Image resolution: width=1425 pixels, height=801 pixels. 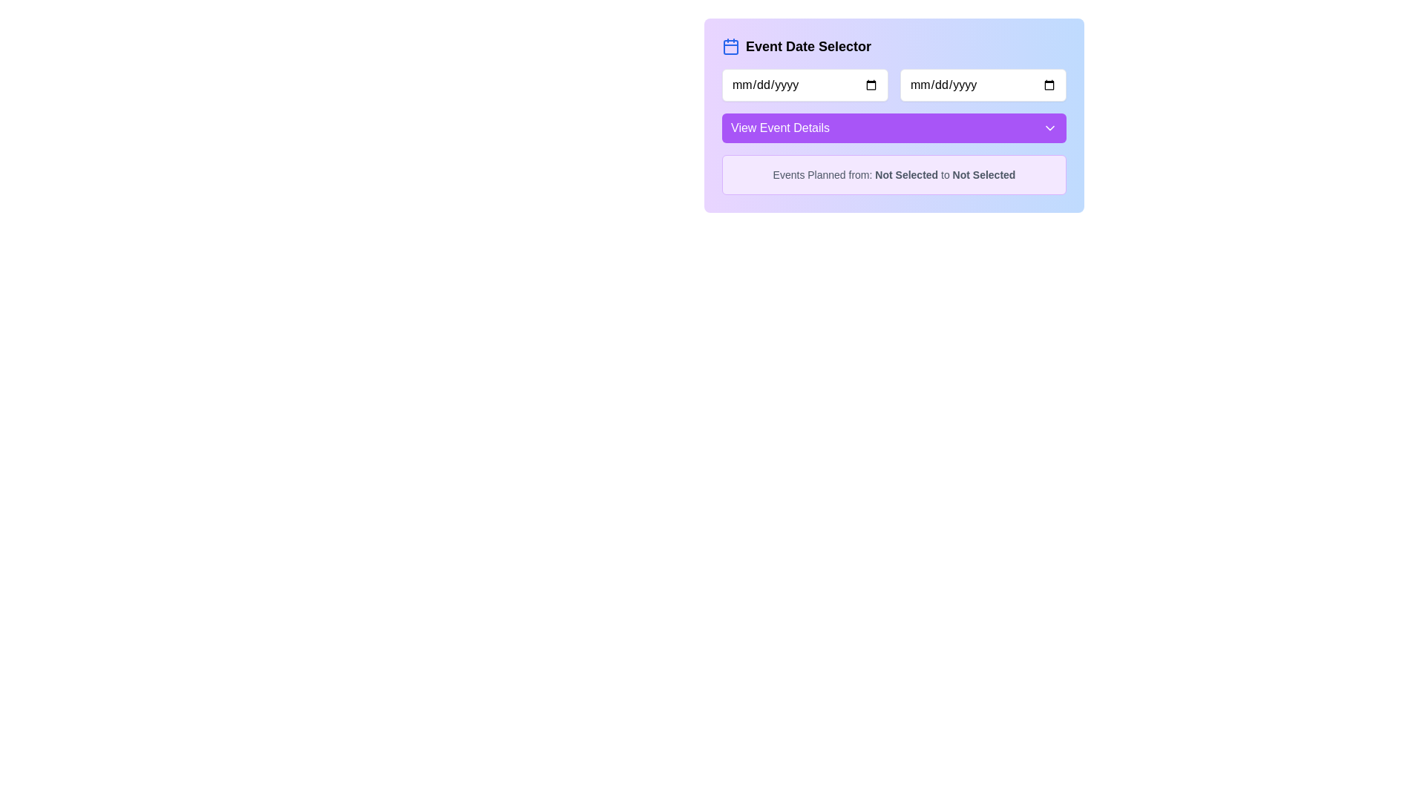 What do you see at coordinates (893, 114) in the screenshot?
I see `the rectangular interactive button labeled 'View Event Details' with a purple background, located below two date input fields and above a summary box displaying 'Events Planned from: Not Selected to Not Selected'` at bounding box center [893, 114].